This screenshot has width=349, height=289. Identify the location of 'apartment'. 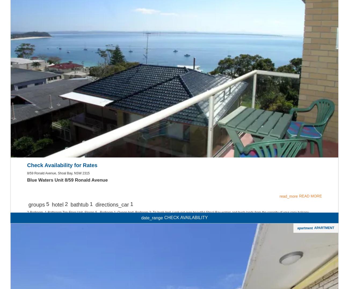
(304, 17).